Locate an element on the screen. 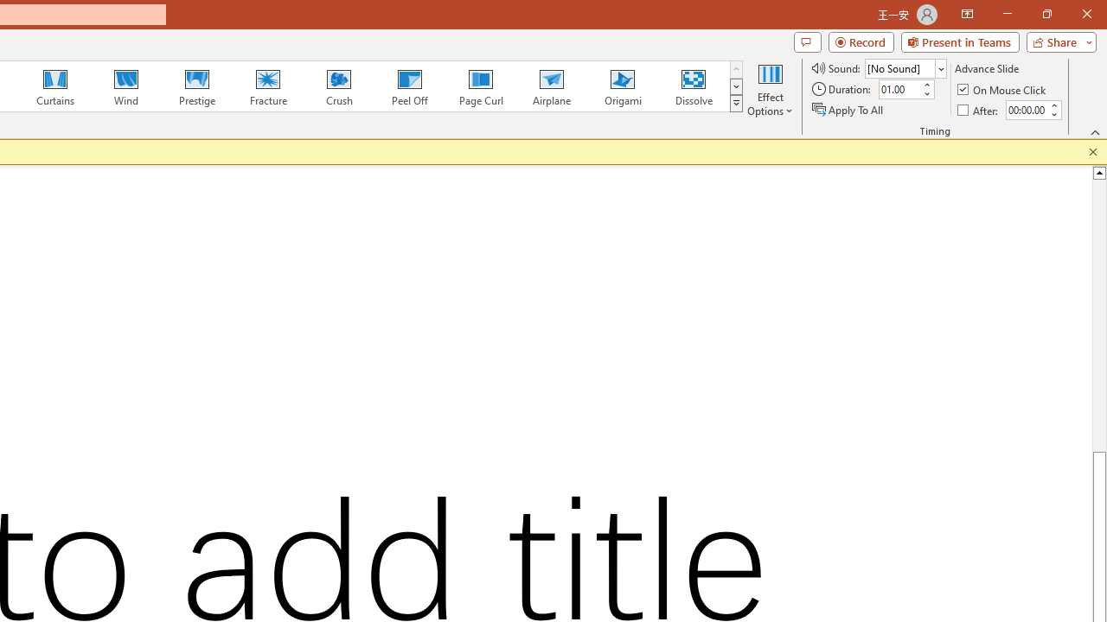  'Transition Effects' is located at coordinates (736, 104).